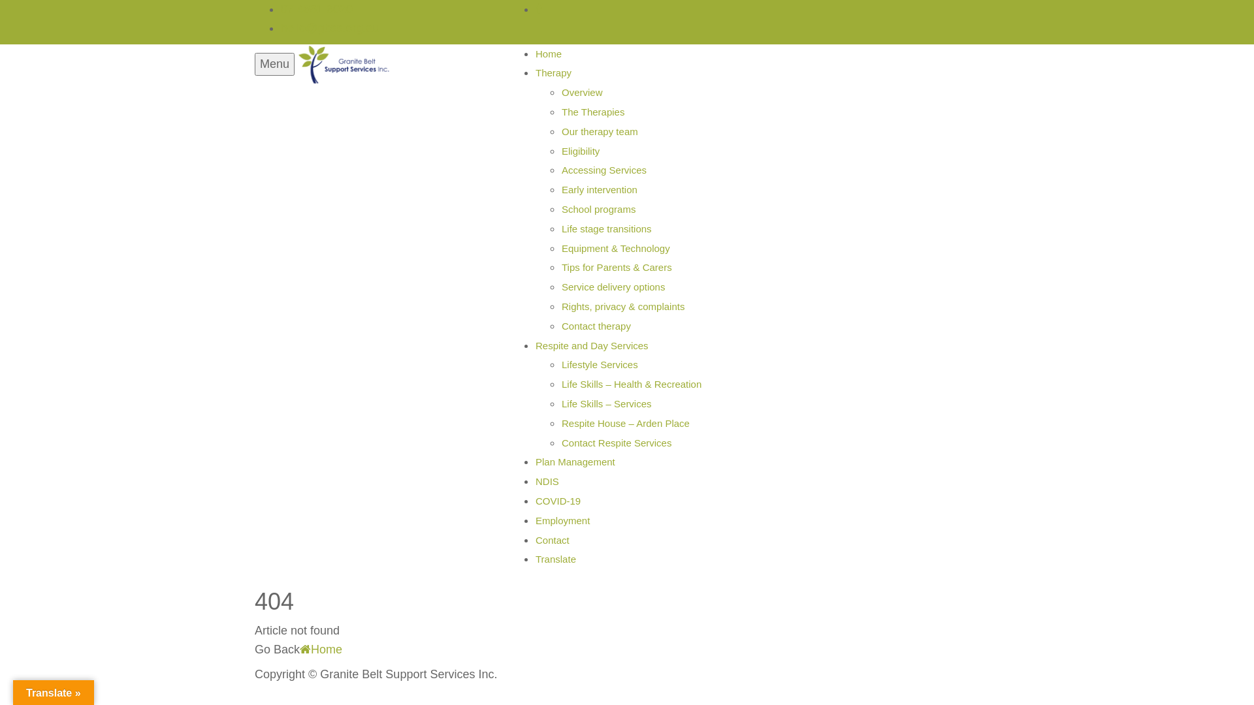 This screenshot has width=1254, height=705. Describe the element at coordinates (615, 248) in the screenshot. I see `'Equipment & Technology'` at that location.